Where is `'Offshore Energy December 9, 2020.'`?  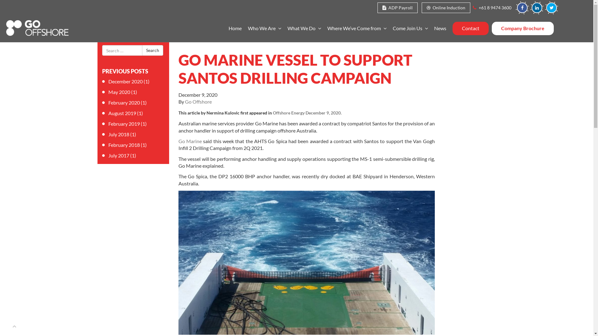
'Offshore Energy December 9, 2020.' is located at coordinates (307, 113).